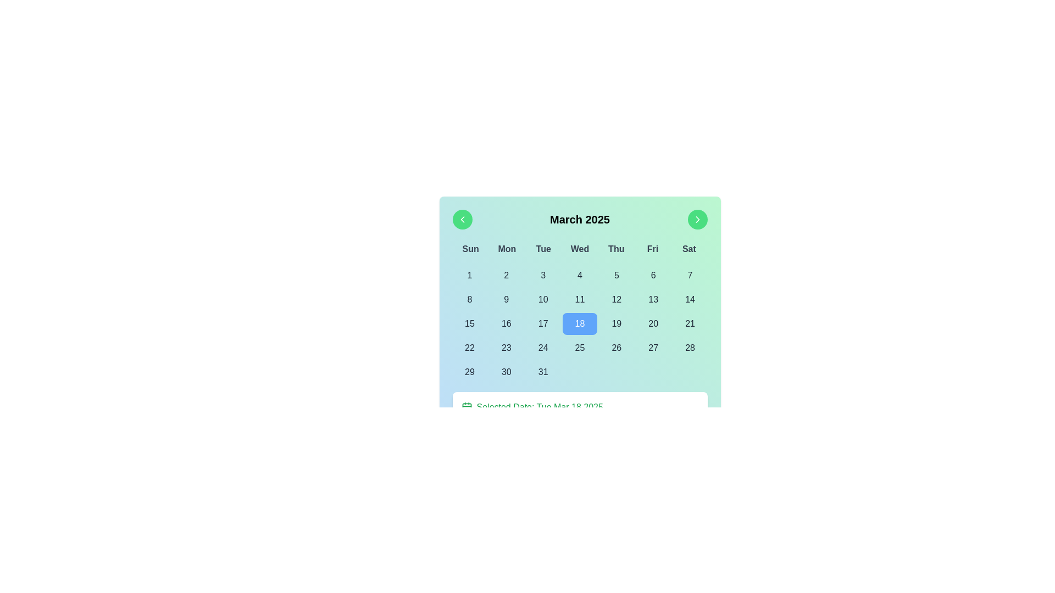  Describe the element at coordinates (543, 323) in the screenshot. I see `the date button representing the 17th of the month in the calendar interface` at that location.